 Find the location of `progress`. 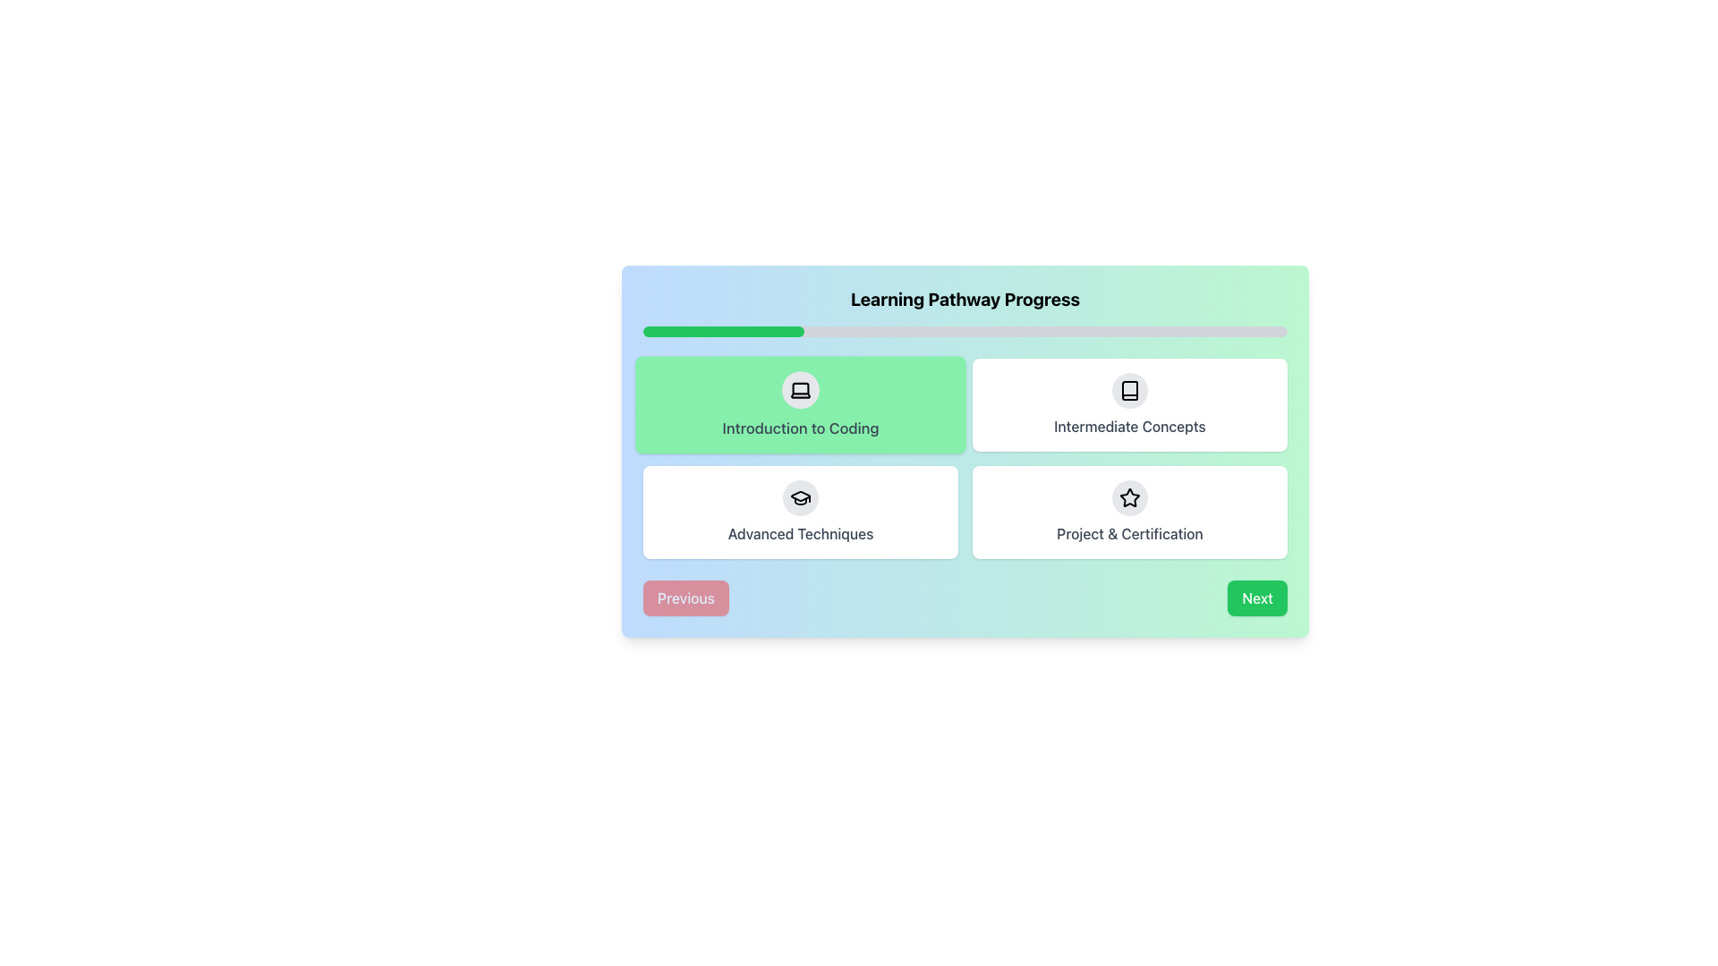

progress is located at coordinates (649, 331).